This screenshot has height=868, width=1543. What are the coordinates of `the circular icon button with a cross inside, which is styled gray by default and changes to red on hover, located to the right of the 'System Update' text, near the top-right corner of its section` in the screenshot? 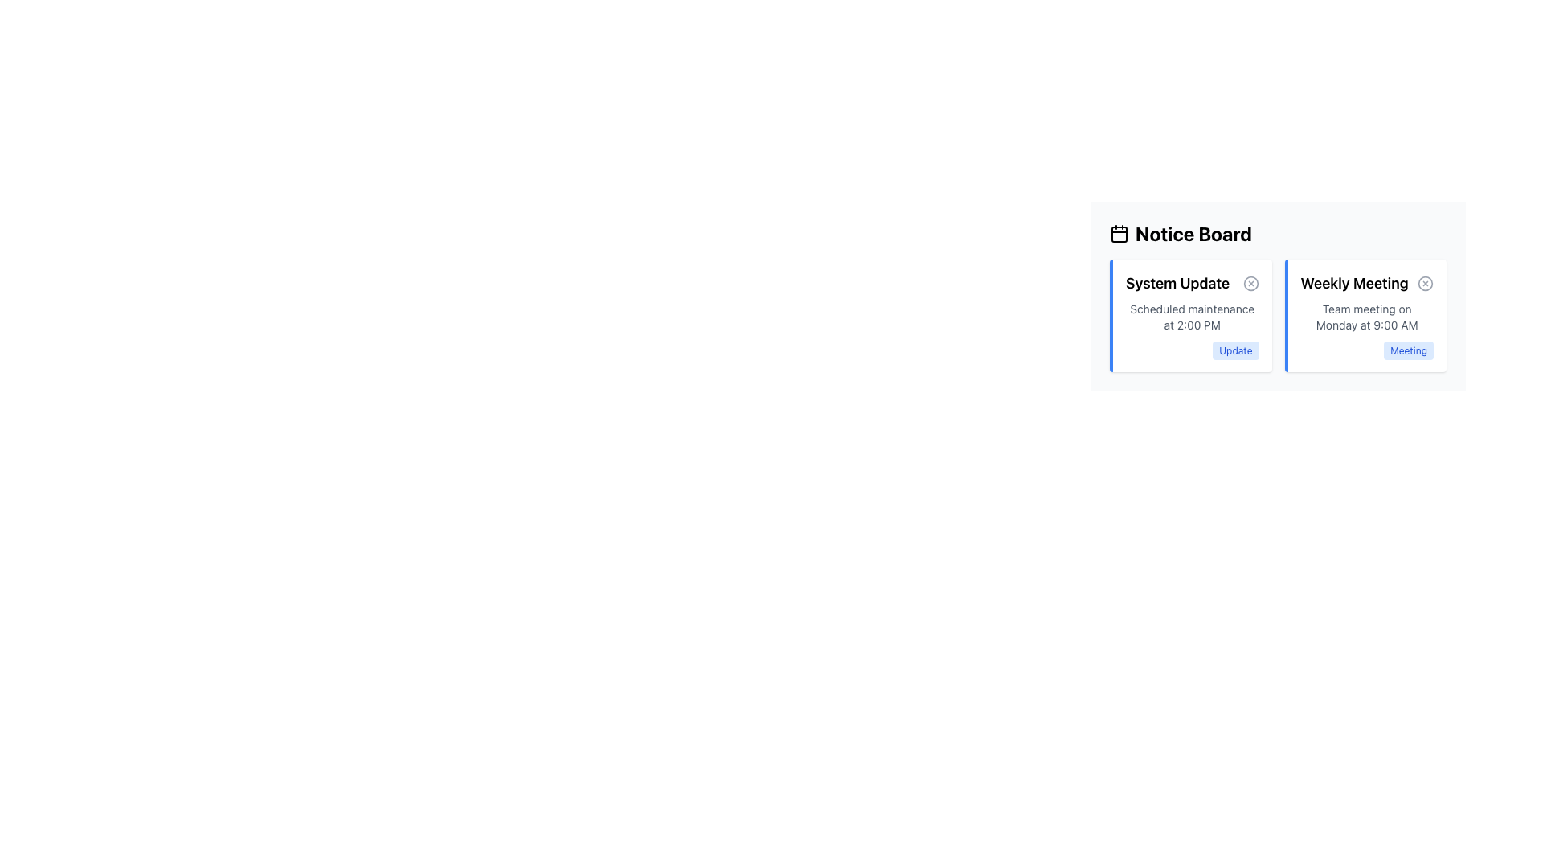 It's located at (1250, 283).